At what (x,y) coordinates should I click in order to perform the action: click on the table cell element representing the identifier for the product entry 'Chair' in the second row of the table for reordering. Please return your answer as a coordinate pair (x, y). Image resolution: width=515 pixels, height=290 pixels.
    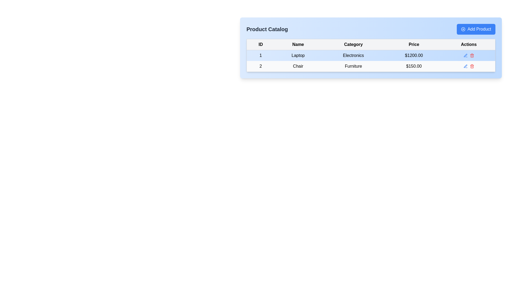
    Looking at the image, I should click on (260, 66).